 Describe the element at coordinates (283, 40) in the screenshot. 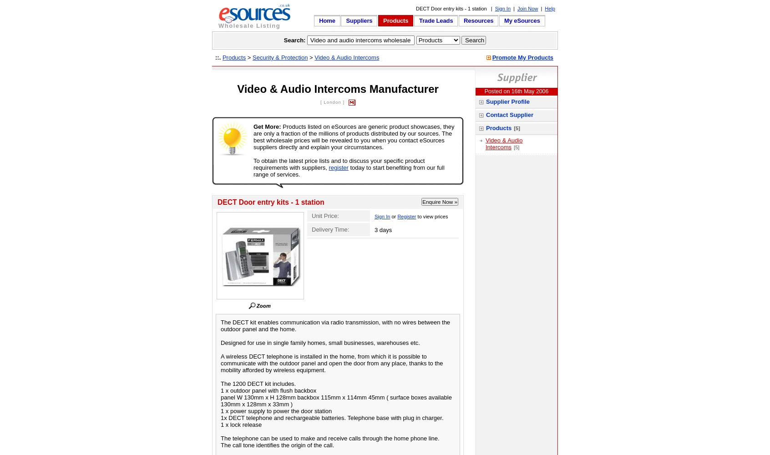

I see `'Search:'` at that location.